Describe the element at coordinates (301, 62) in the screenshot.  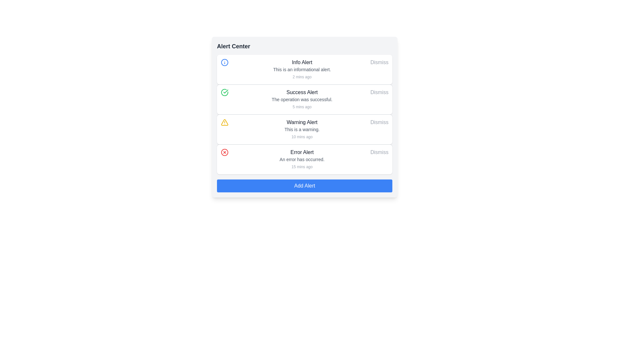
I see `the 'Info Alert' text label element, which is styled with a medium font size and dark gray color, located at the top of the 'Alert Center' panel` at that location.